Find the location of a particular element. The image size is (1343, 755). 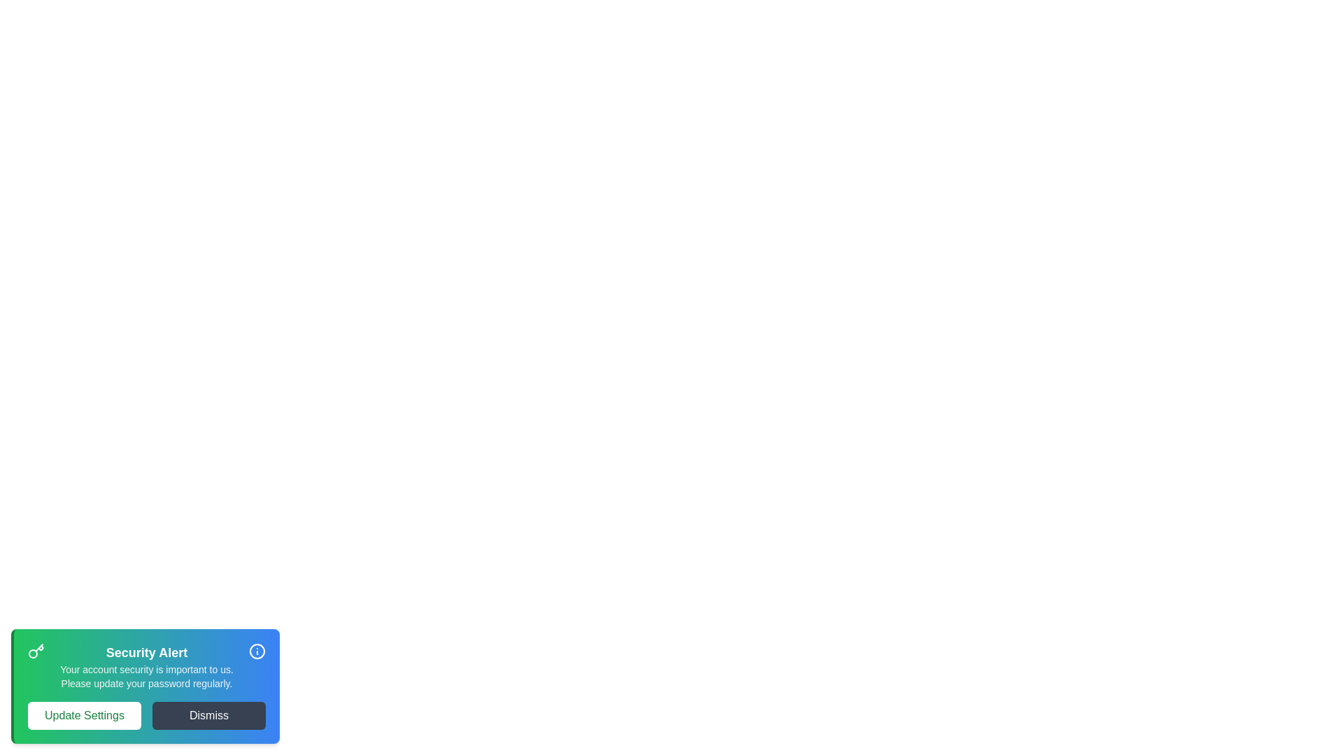

the 'Dismiss' button to close the snackbar is located at coordinates (208, 715).